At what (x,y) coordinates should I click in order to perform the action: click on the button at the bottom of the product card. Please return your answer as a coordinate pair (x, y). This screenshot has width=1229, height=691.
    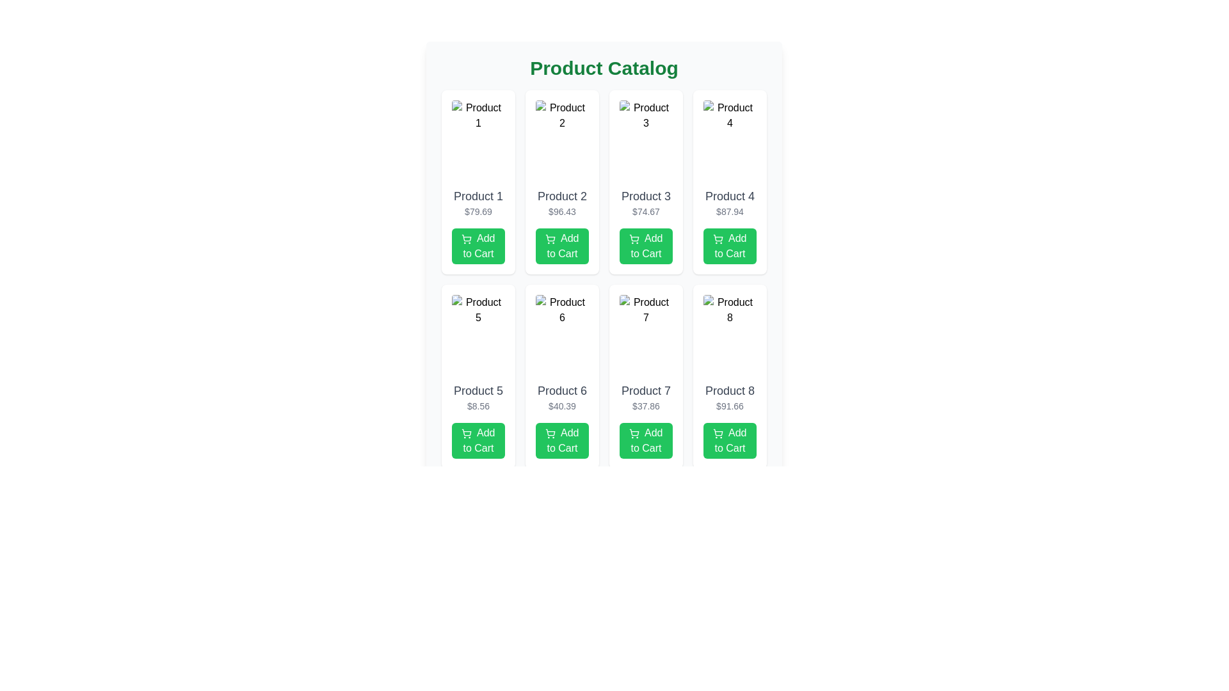
    Looking at the image, I should click on (730, 440).